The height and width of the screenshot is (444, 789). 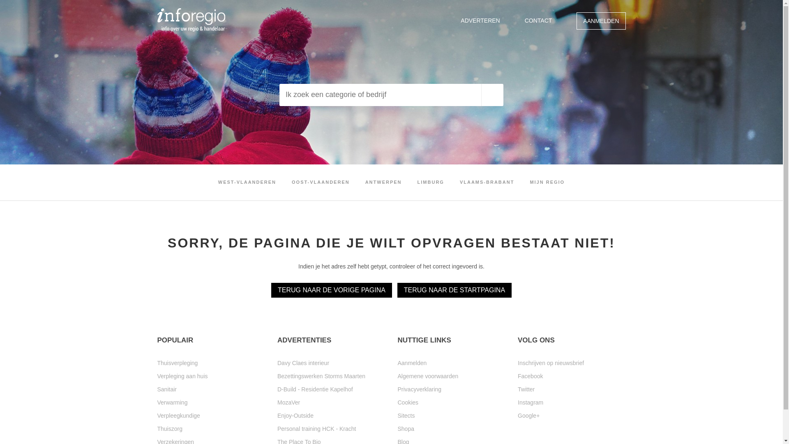 I want to click on 'Twitter', so click(x=517, y=389).